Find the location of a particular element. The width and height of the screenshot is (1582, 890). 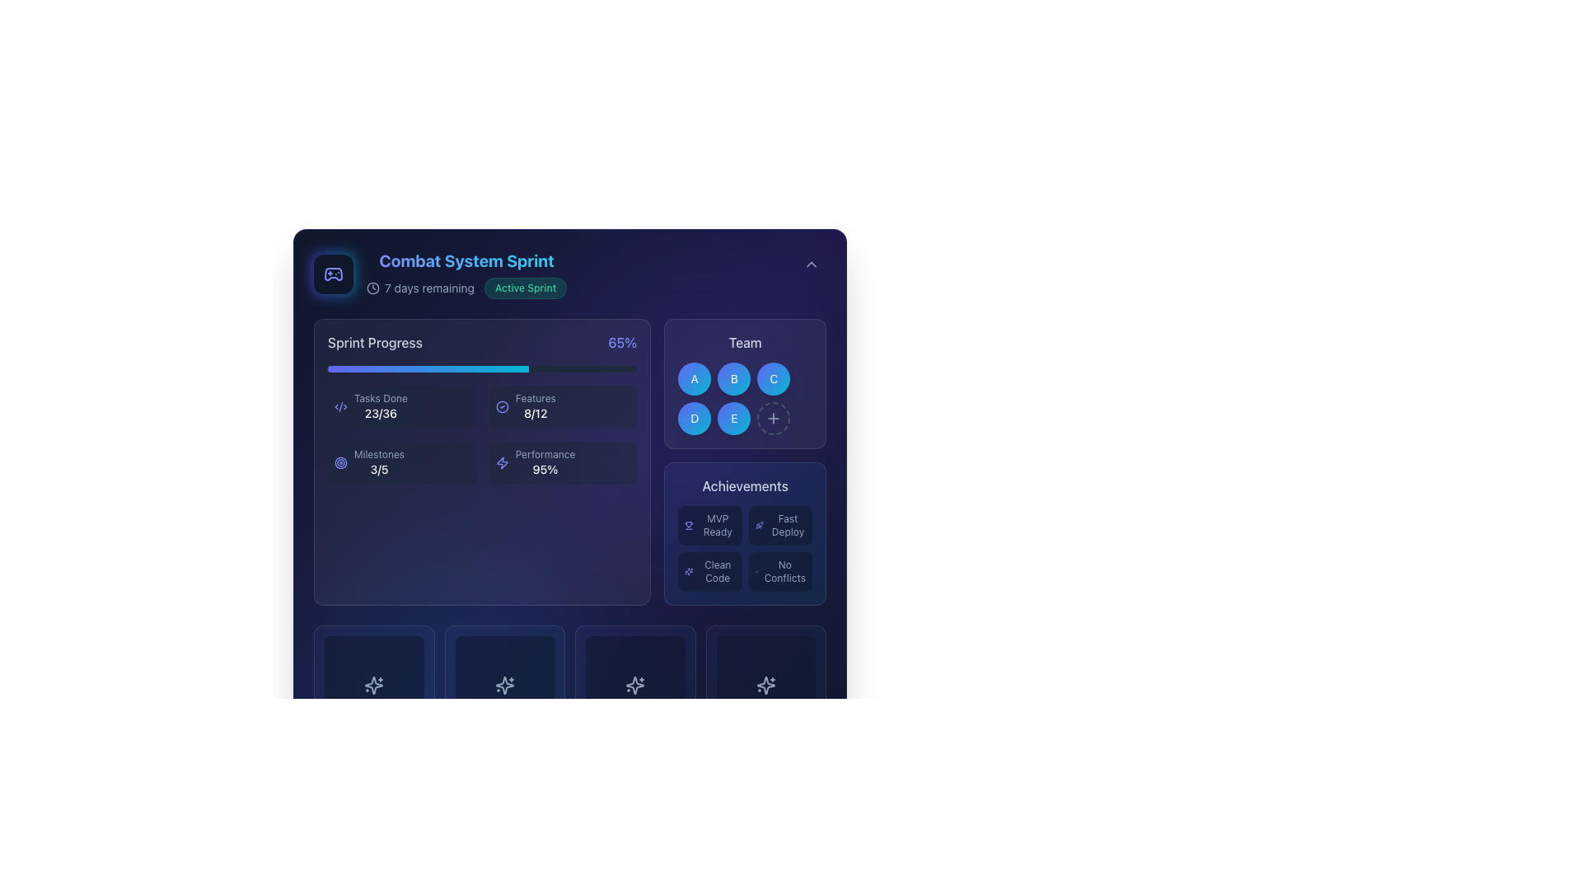

the 'MVP Ready' achievement label with icon, which is the first item in the grid of the 'Achievements' section, located at the top-left corner is located at coordinates (710, 525).